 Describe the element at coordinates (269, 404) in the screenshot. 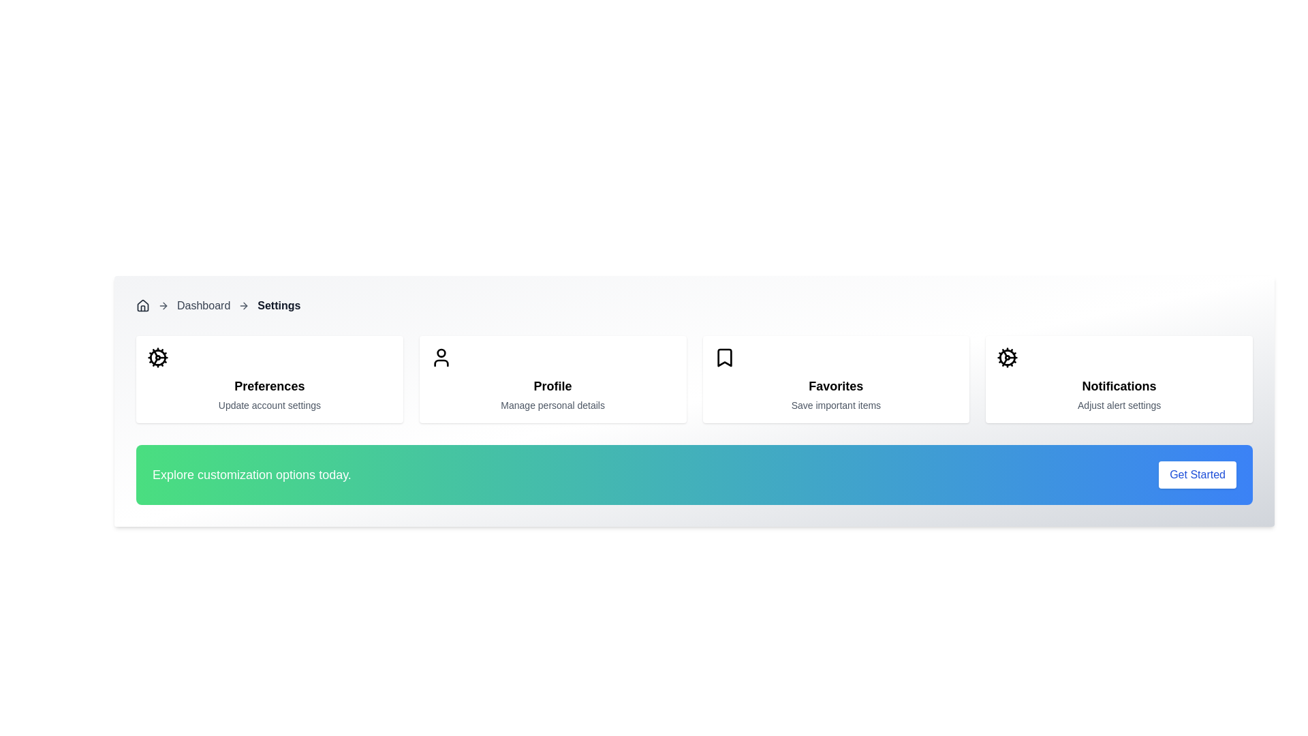

I see `the static text label providing context about the 'Preferences' section, which is located below the 'Preferences' text in the first card` at that location.